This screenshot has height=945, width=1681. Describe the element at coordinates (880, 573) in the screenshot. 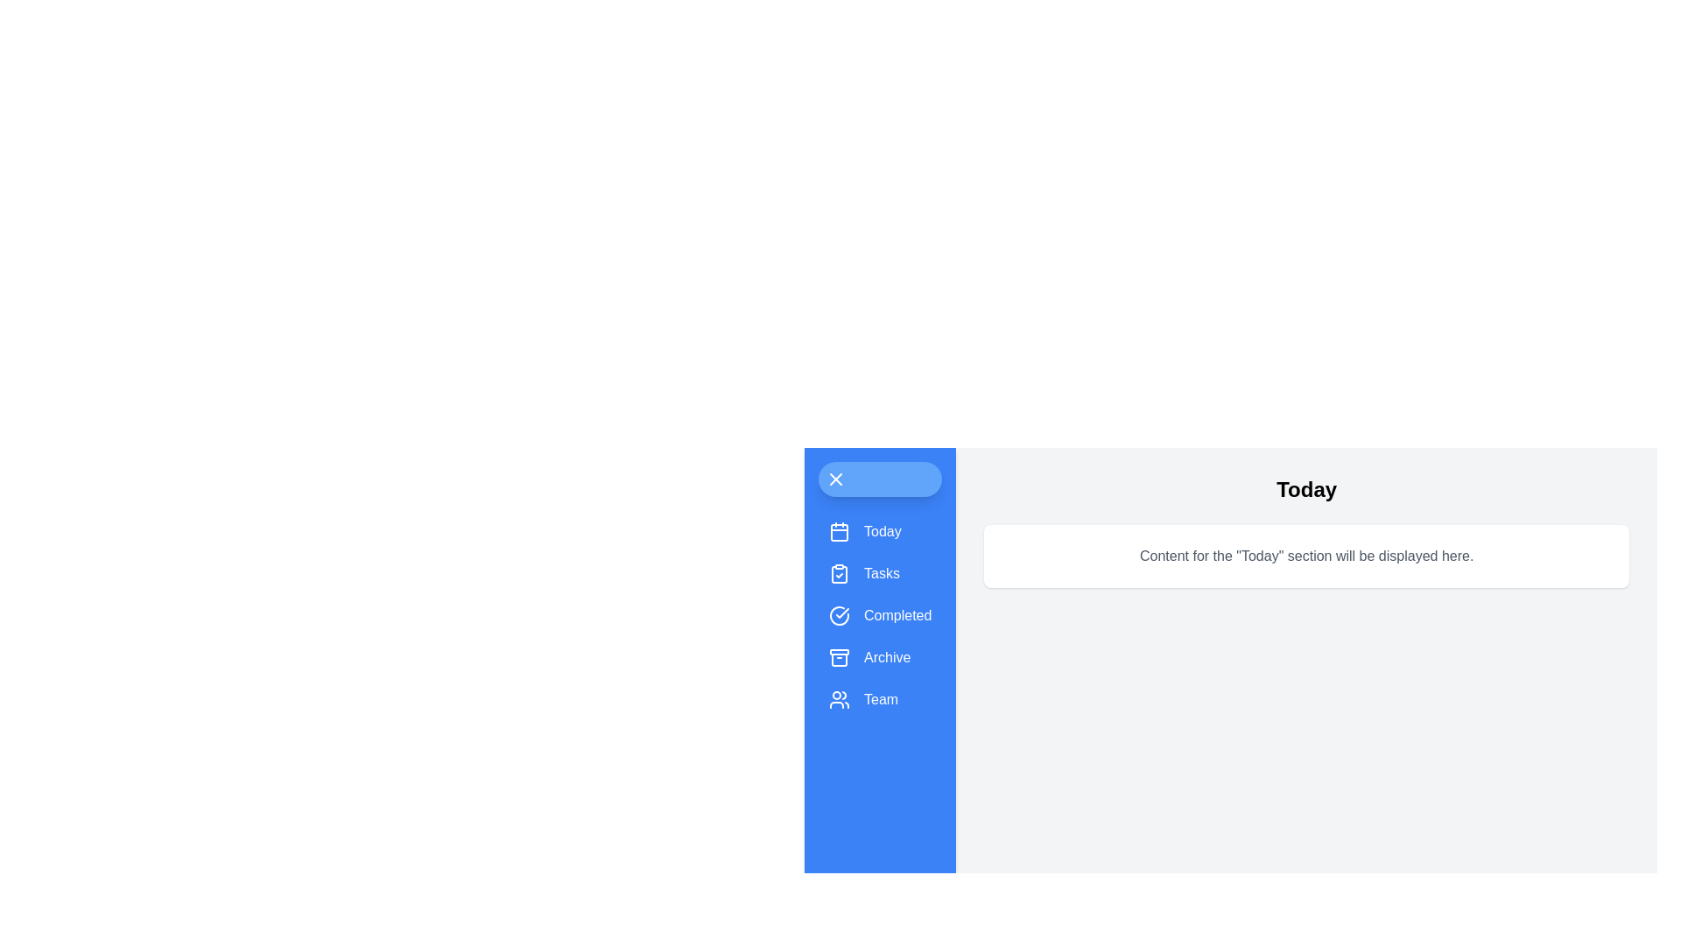

I see `the menu item Tasks to observe its hover effect` at that location.